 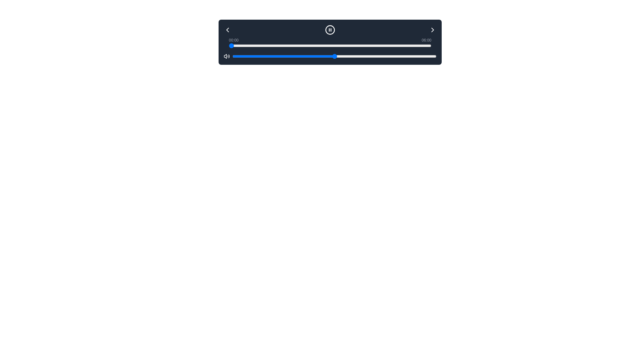 What do you see at coordinates (225, 56) in the screenshot?
I see `the state of the graphic icon that resembles a speaker or volume control with a muted representation, located at the leftmost part of the larger volume control icon` at bounding box center [225, 56].